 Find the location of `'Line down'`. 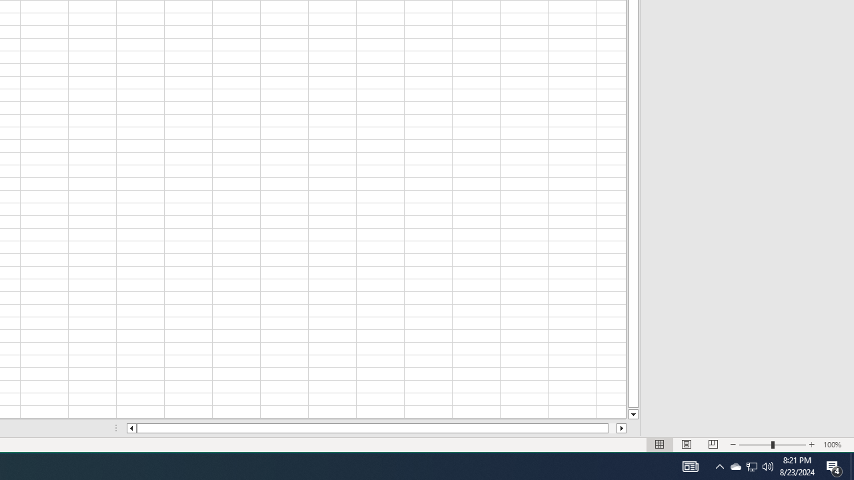

'Line down' is located at coordinates (632, 414).